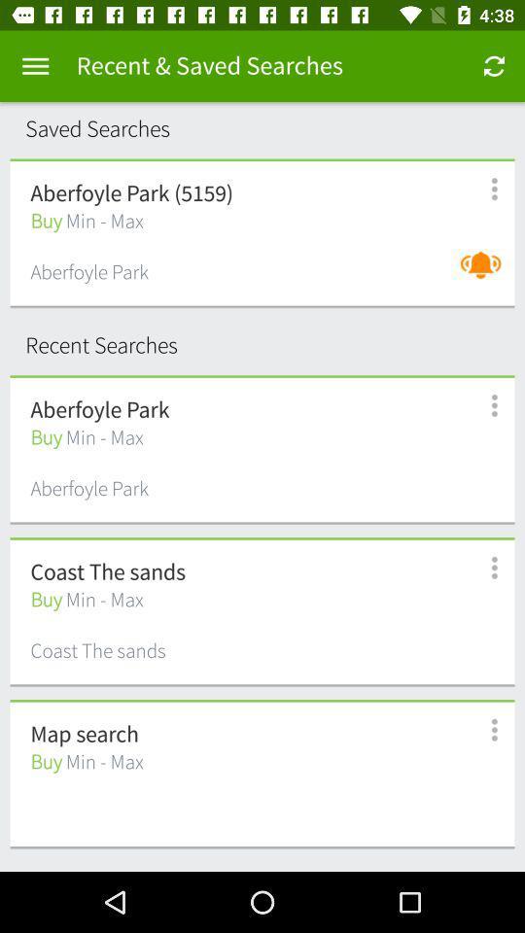  Describe the element at coordinates (84, 734) in the screenshot. I see `icon above buy min - max icon` at that location.